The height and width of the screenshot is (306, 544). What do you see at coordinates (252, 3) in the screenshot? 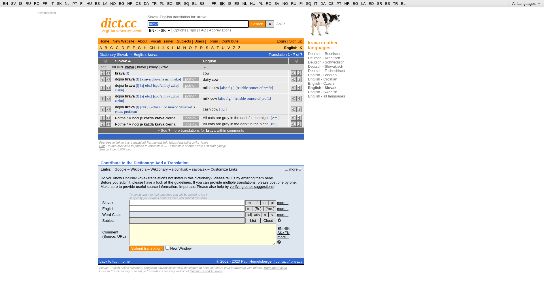
I see `'HU'` at bounding box center [252, 3].